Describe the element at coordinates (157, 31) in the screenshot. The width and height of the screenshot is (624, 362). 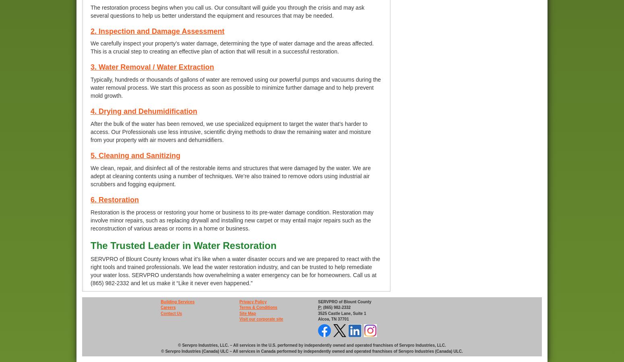
I see `'2. Inspection and Damage Assessment'` at that location.